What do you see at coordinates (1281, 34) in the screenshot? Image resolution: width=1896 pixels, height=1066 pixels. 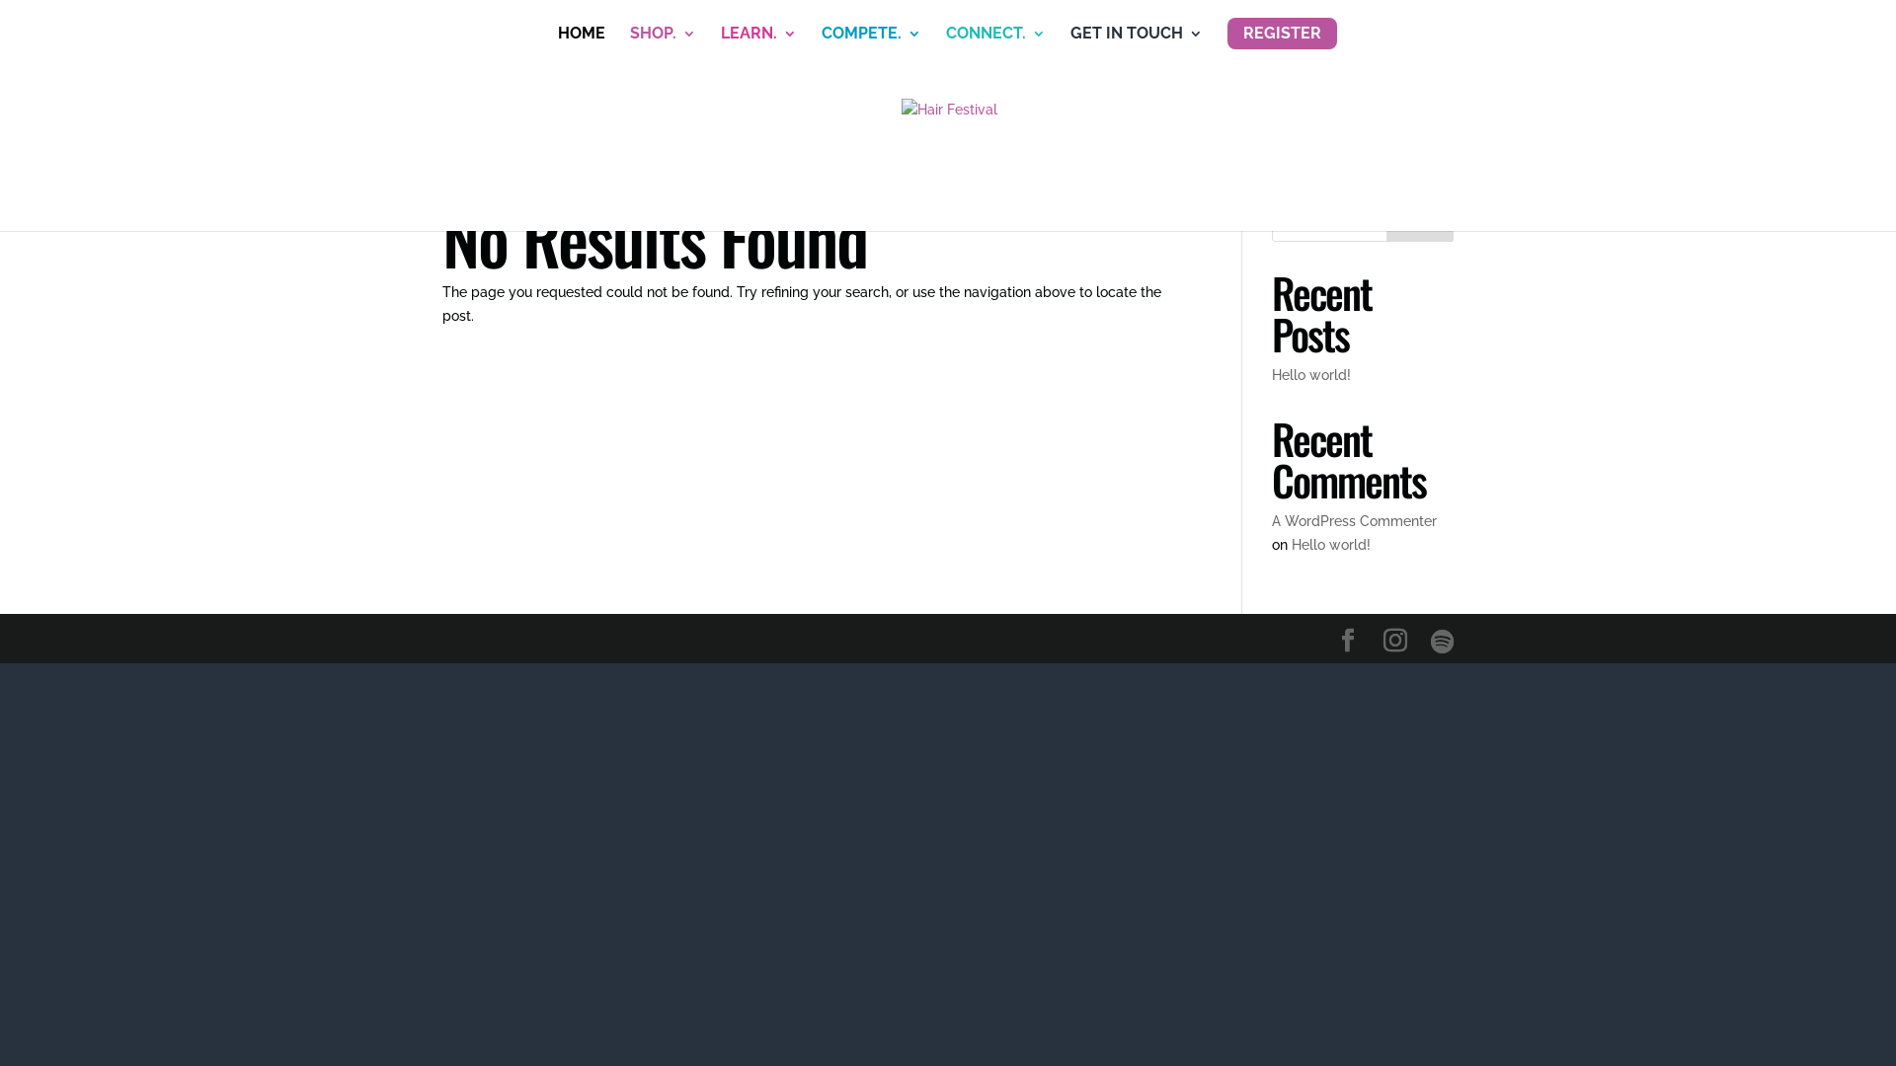 I see `'REGISTER'` at bounding box center [1281, 34].